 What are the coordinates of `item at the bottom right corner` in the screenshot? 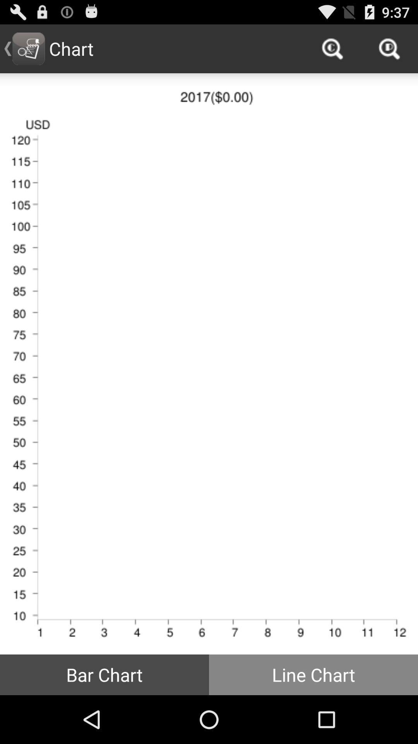 It's located at (313, 674).